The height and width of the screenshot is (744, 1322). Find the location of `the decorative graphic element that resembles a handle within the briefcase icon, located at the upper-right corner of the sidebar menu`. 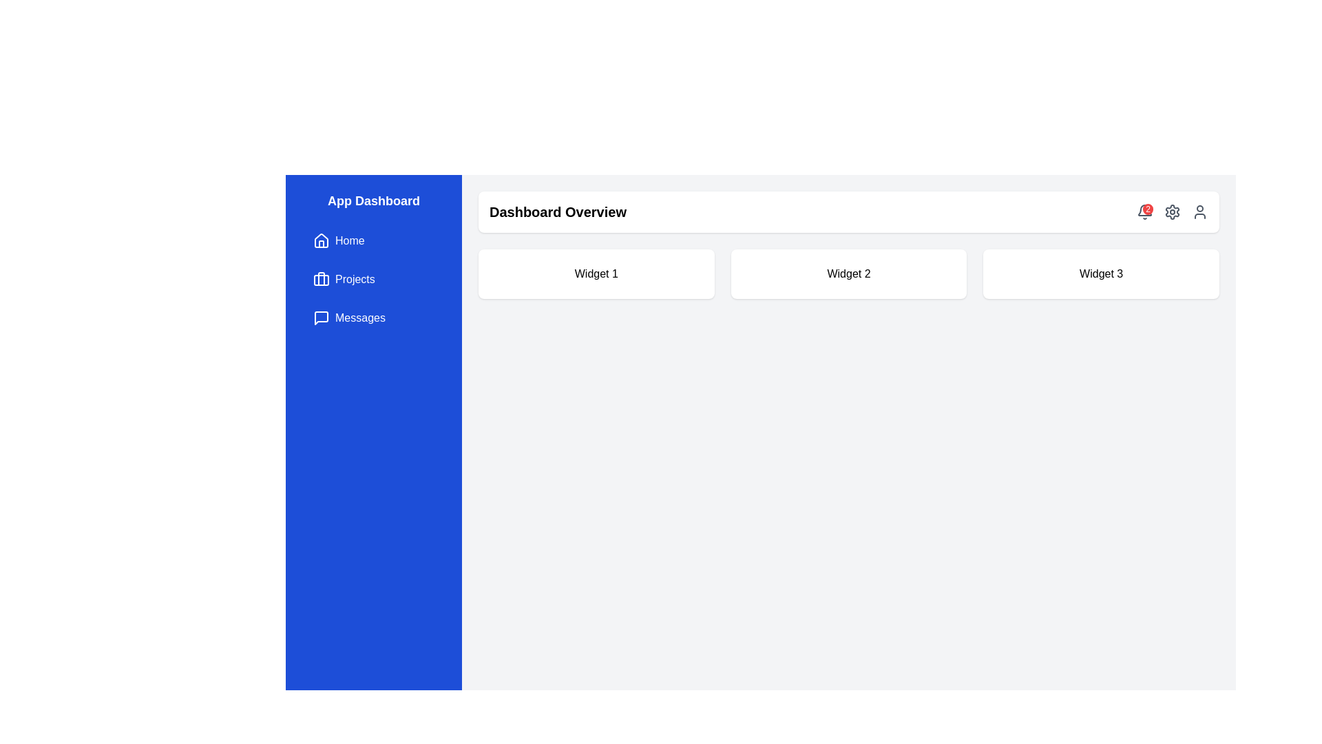

the decorative graphic element that resembles a handle within the briefcase icon, located at the upper-right corner of the sidebar menu is located at coordinates (320, 279).